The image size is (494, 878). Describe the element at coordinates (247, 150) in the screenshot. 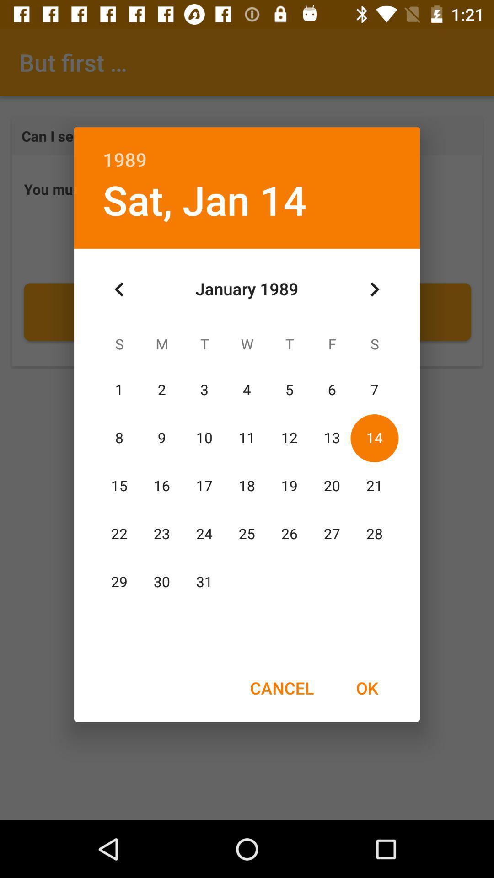

I see `icon above sat, jan 14` at that location.